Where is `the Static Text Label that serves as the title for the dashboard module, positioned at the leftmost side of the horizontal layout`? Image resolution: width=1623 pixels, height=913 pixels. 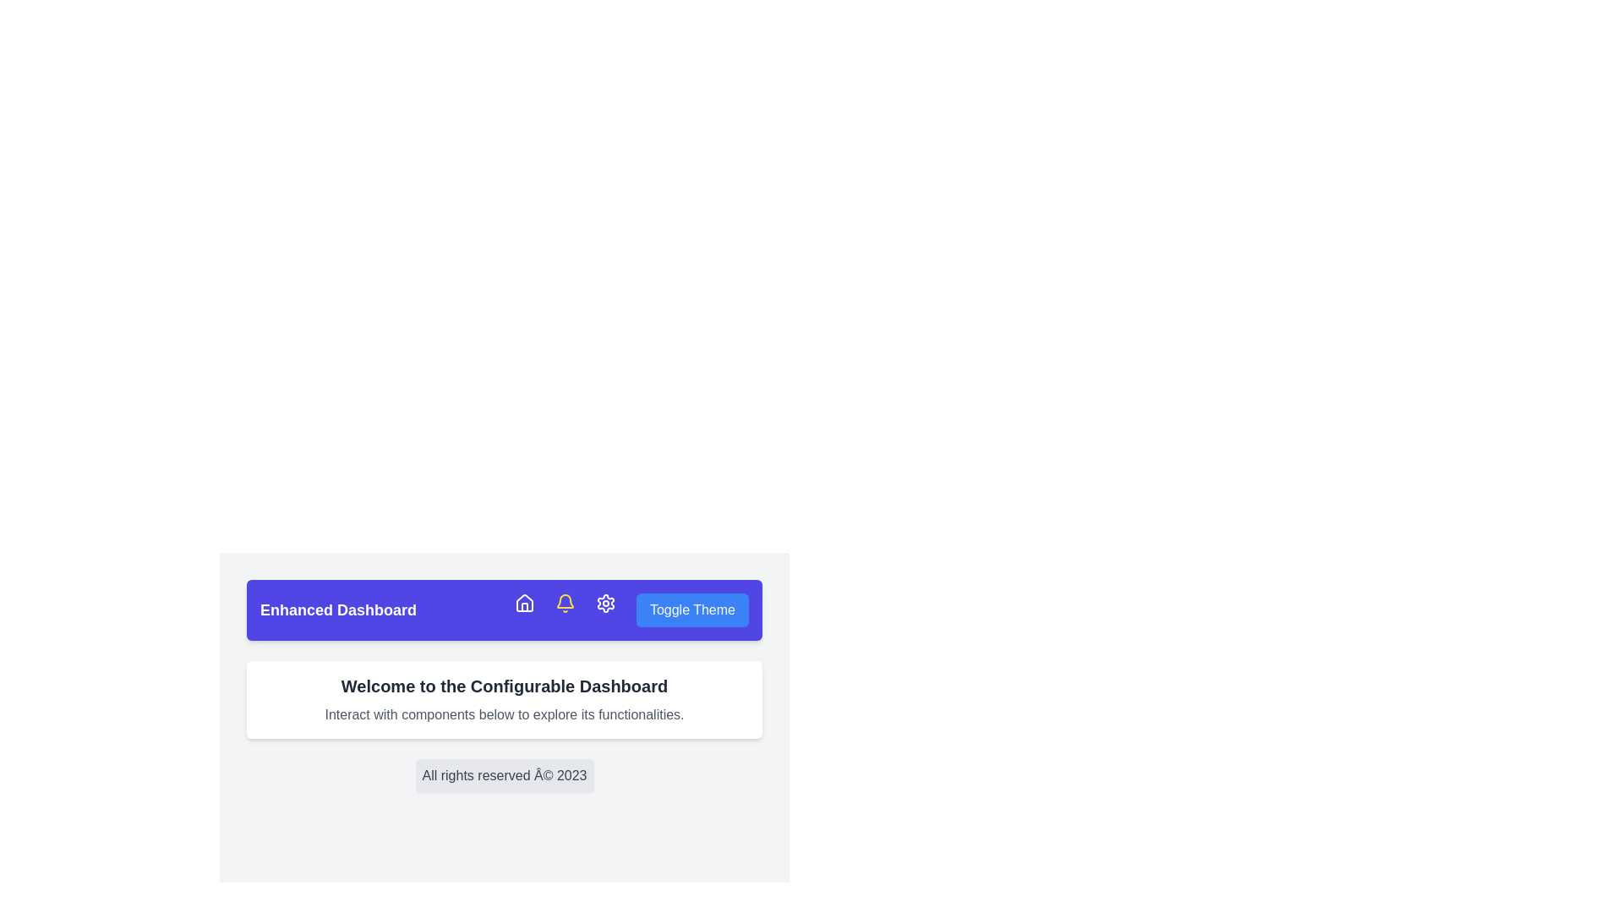 the Static Text Label that serves as the title for the dashboard module, positioned at the leftmost side of the horizontal layout is located at coordinates (338, 610).